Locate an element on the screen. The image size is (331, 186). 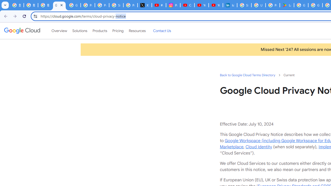
'Google Cloud' is located at coordinates (22, 31).